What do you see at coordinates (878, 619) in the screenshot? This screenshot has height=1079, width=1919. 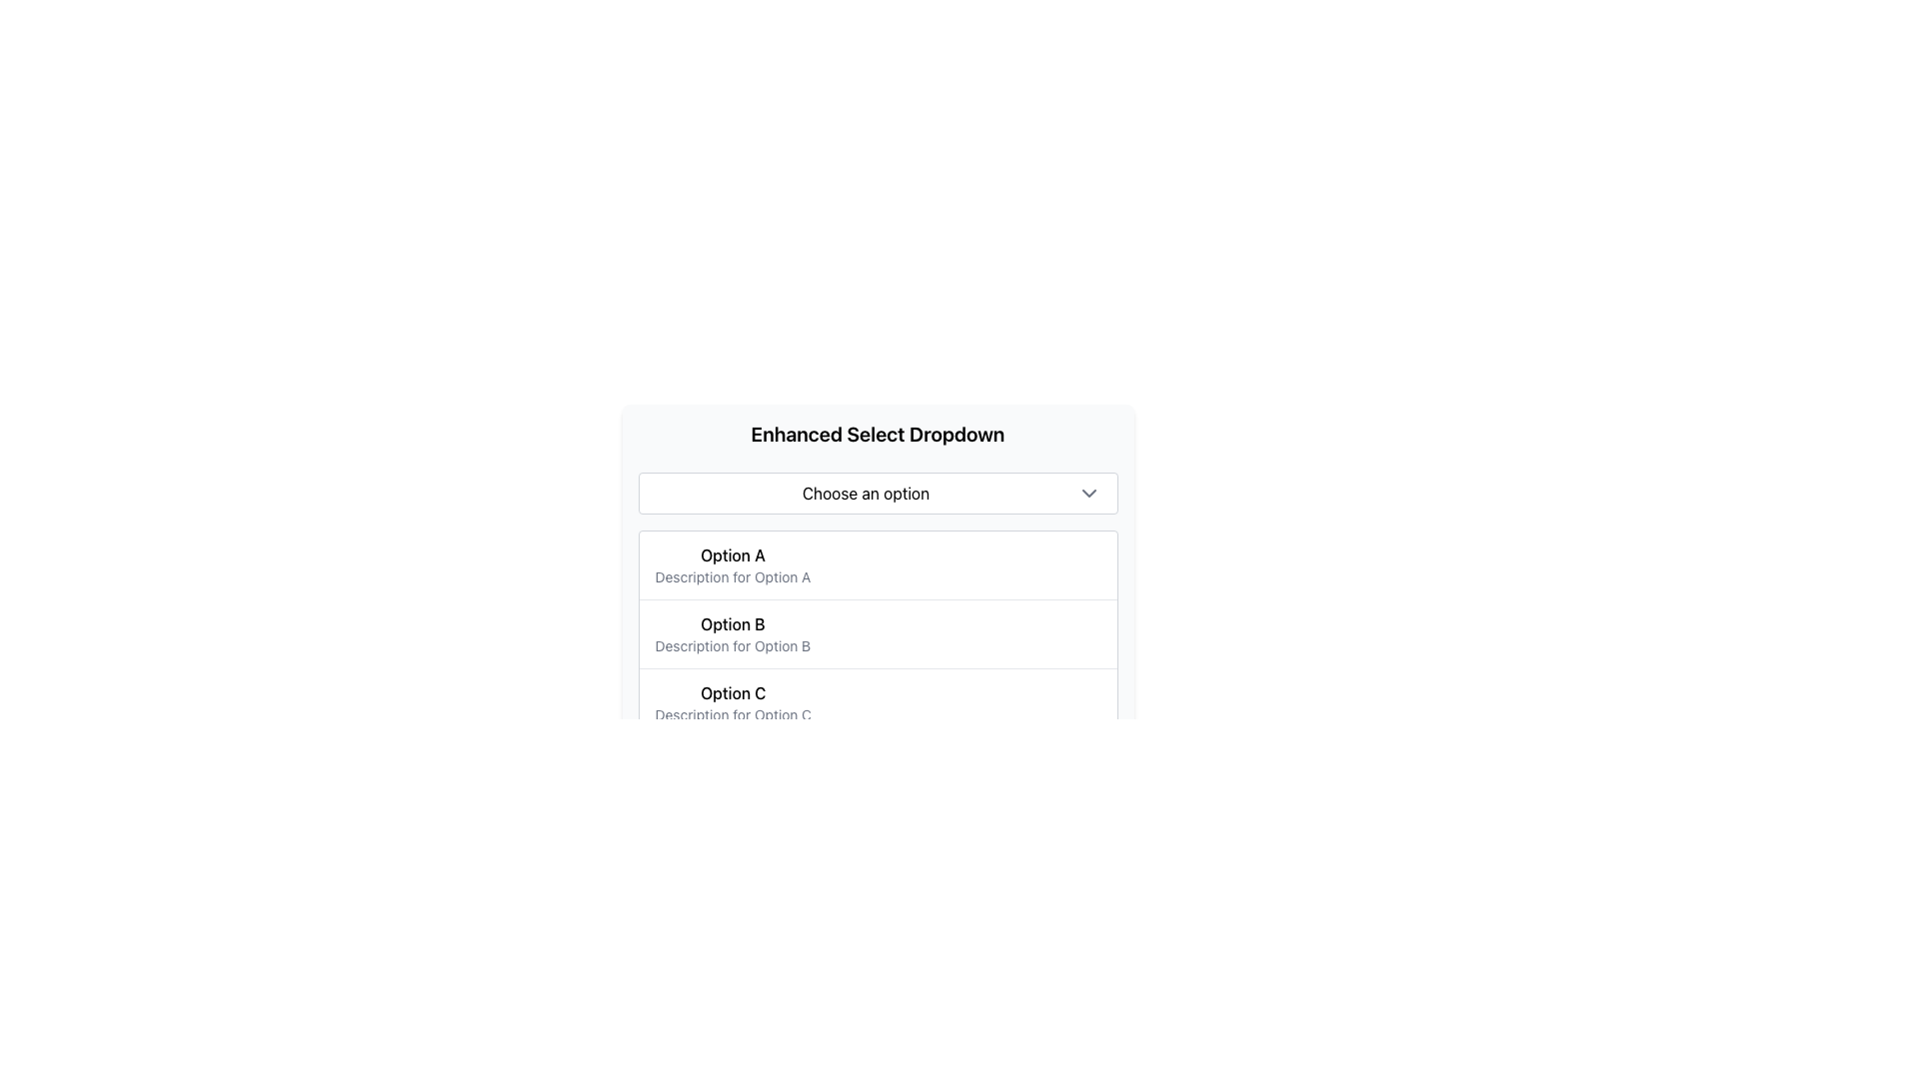 I see `the dropdown menu item labeled 'Option B', which is the second item in the dropdown list under 'Enhanced Select Dropdown'` at bounding box center [878, 619].